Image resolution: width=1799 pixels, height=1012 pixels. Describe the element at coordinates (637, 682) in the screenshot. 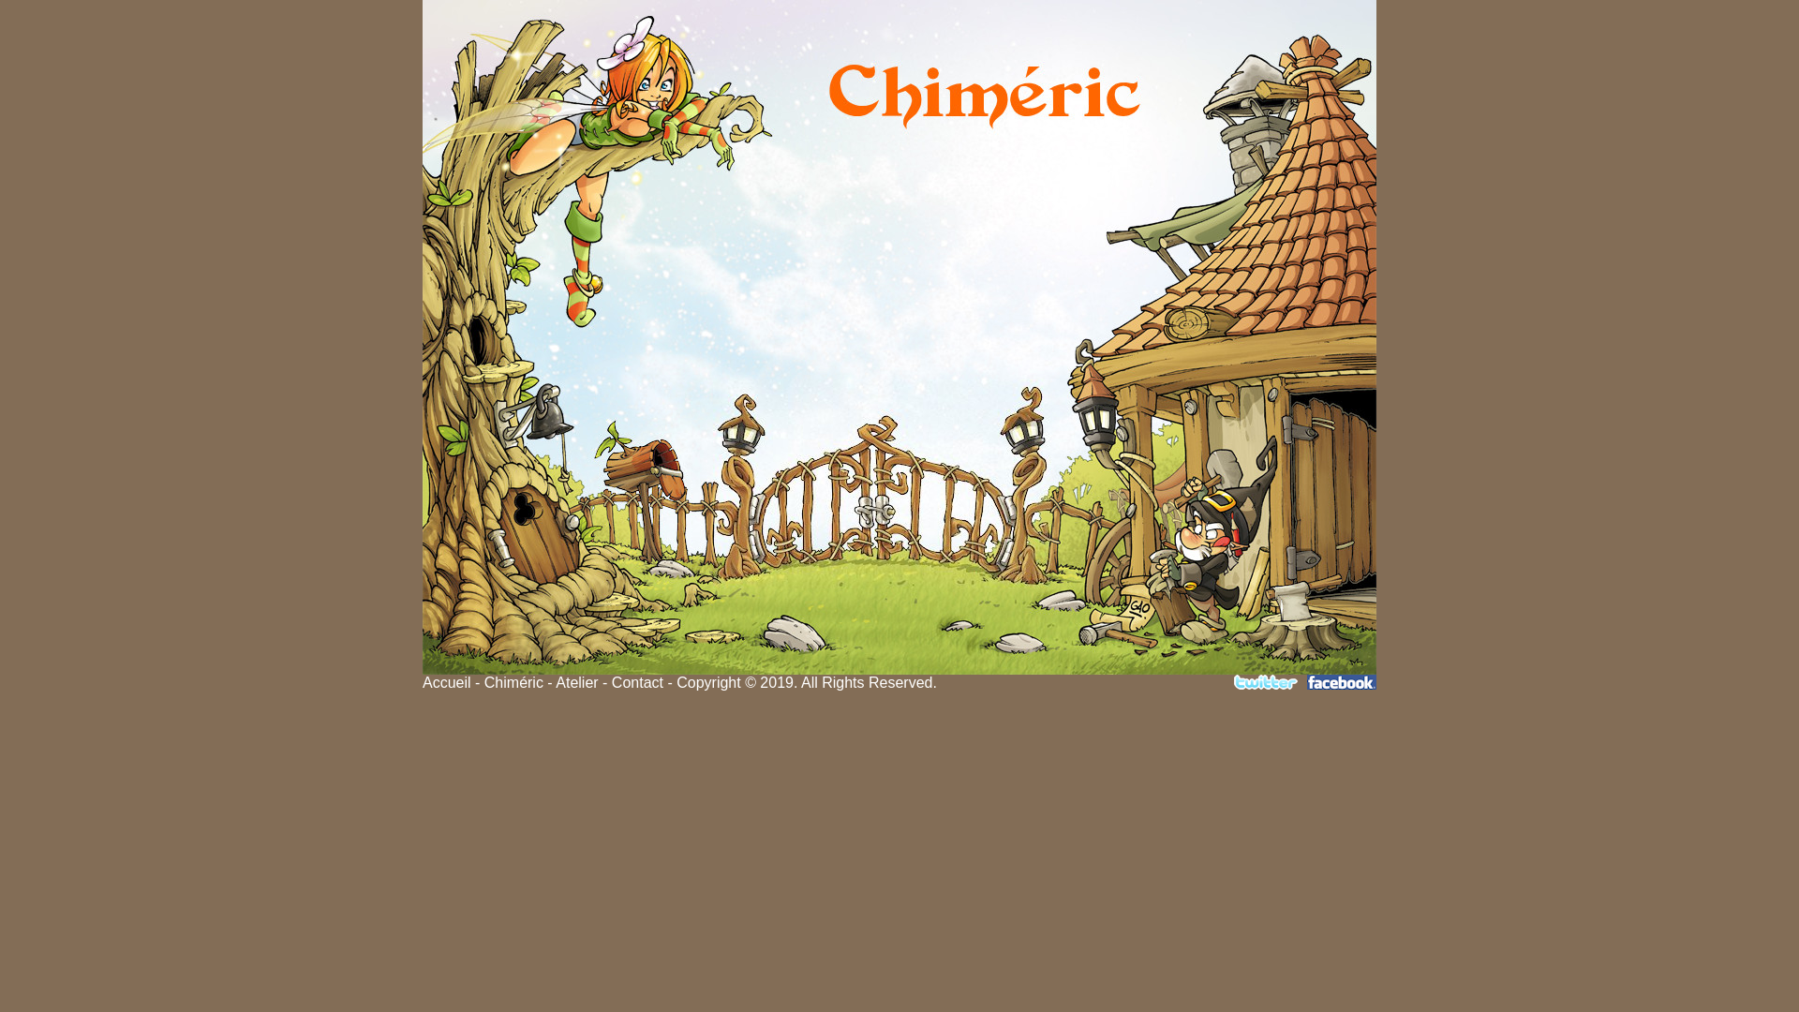

I see `'Contact'` at that location.